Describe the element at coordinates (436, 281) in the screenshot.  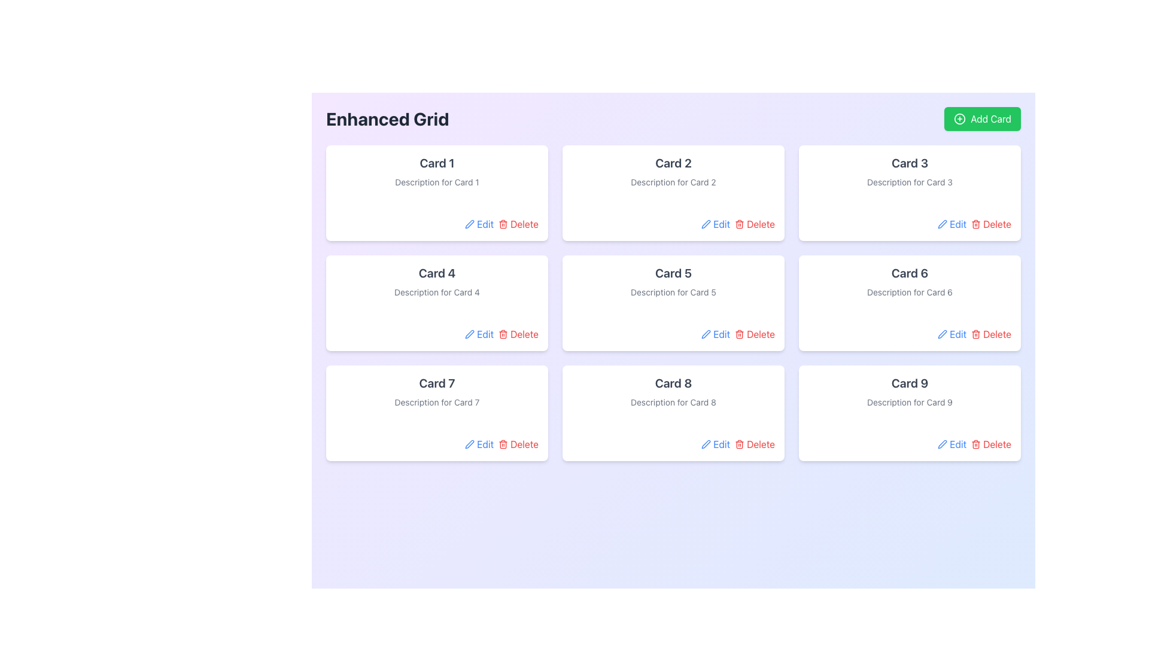
I see `text from the title and description section of Card 4, located in the second row, first column of the interface, below the 'Enhanced Grid' title header` at that location.